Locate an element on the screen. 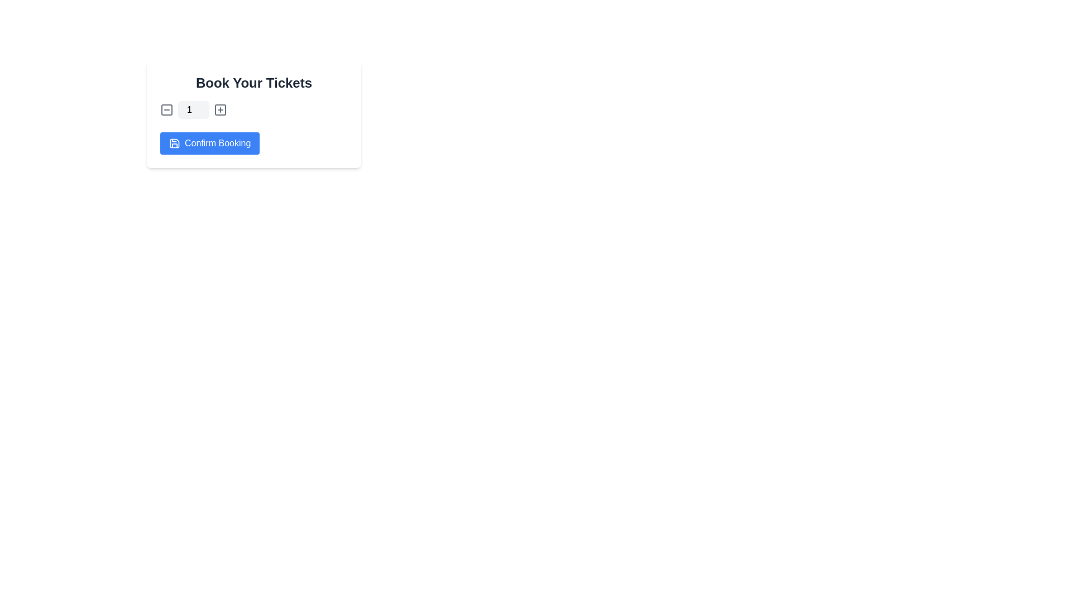  the decrement button located to the left of the numerical input field in the quantity adjustment control to decrease the value in the associated input field is located at coordinates (166, 109).